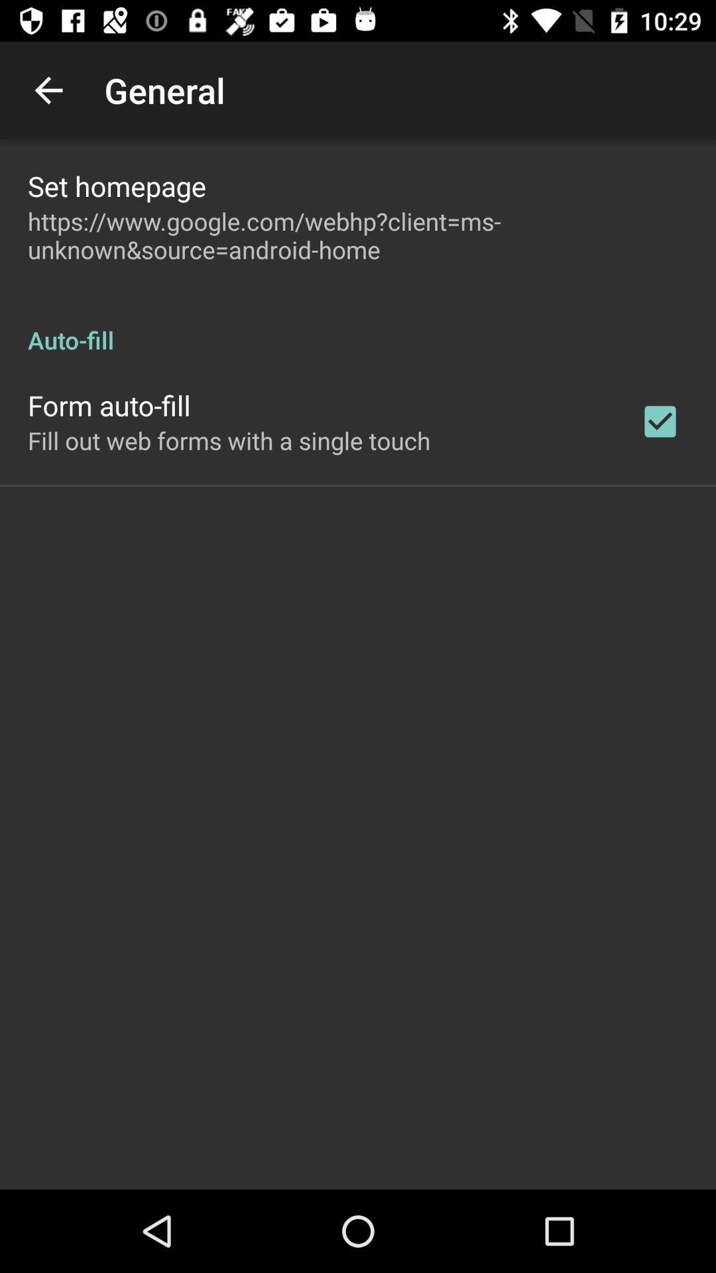  I want to click on the https www google item, so click(358, 235).